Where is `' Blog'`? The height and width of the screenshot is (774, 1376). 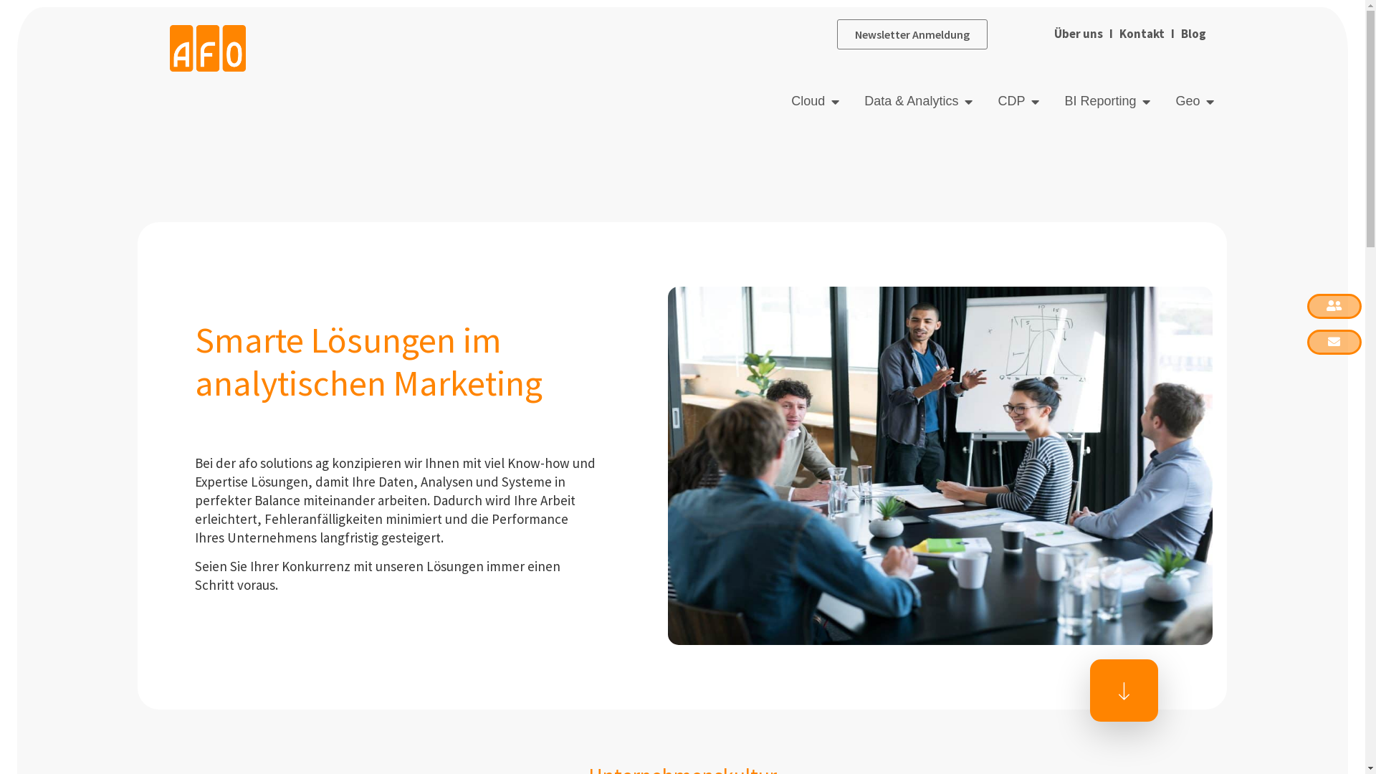
' Blog' is located at coordinates (1193, 32).